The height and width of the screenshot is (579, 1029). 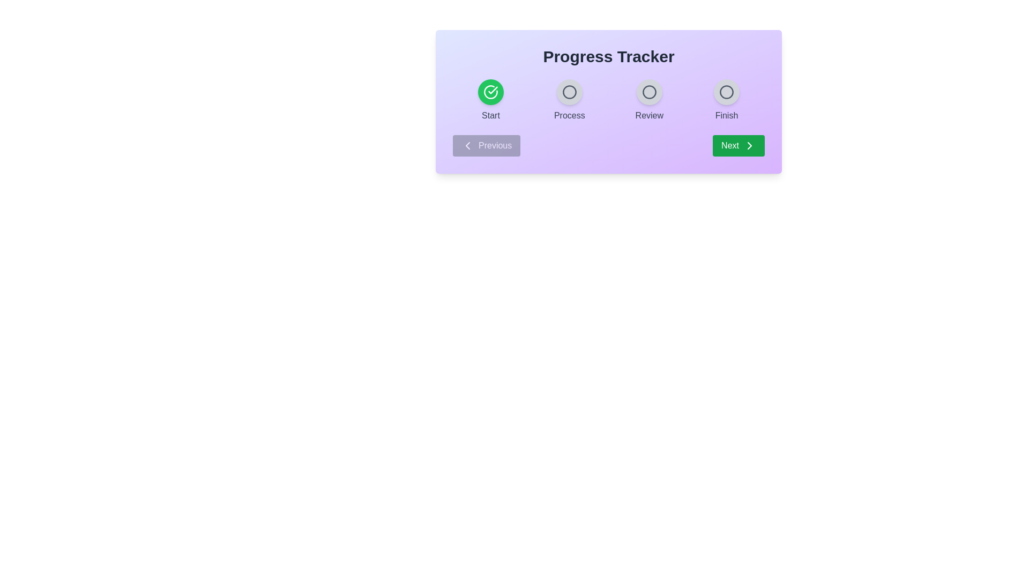 What do you see at coordinates (490, 101) in the screenshot?
I see `the green circular Status Indicator icon with a white check mark, located above the 'Start' label, the first in a sequence of four indicators` at bounding box center [490, 101].